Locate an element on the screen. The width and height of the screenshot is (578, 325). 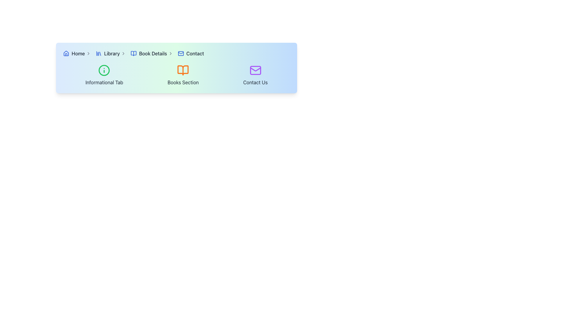
the 'Books Section' navigation option, which includes an icon and a text label is located at coordinates (183, 75).